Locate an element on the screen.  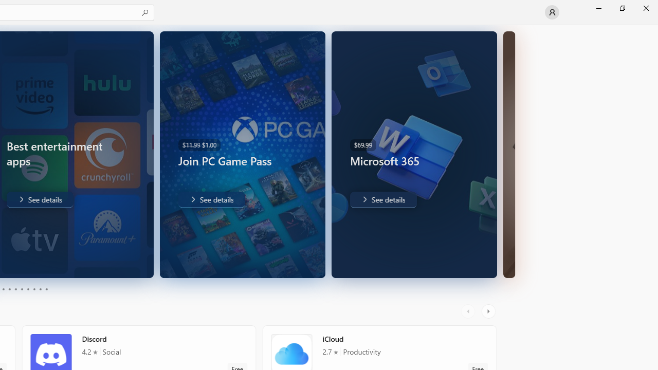
'Page 10' is located at coordinates (46, 289).